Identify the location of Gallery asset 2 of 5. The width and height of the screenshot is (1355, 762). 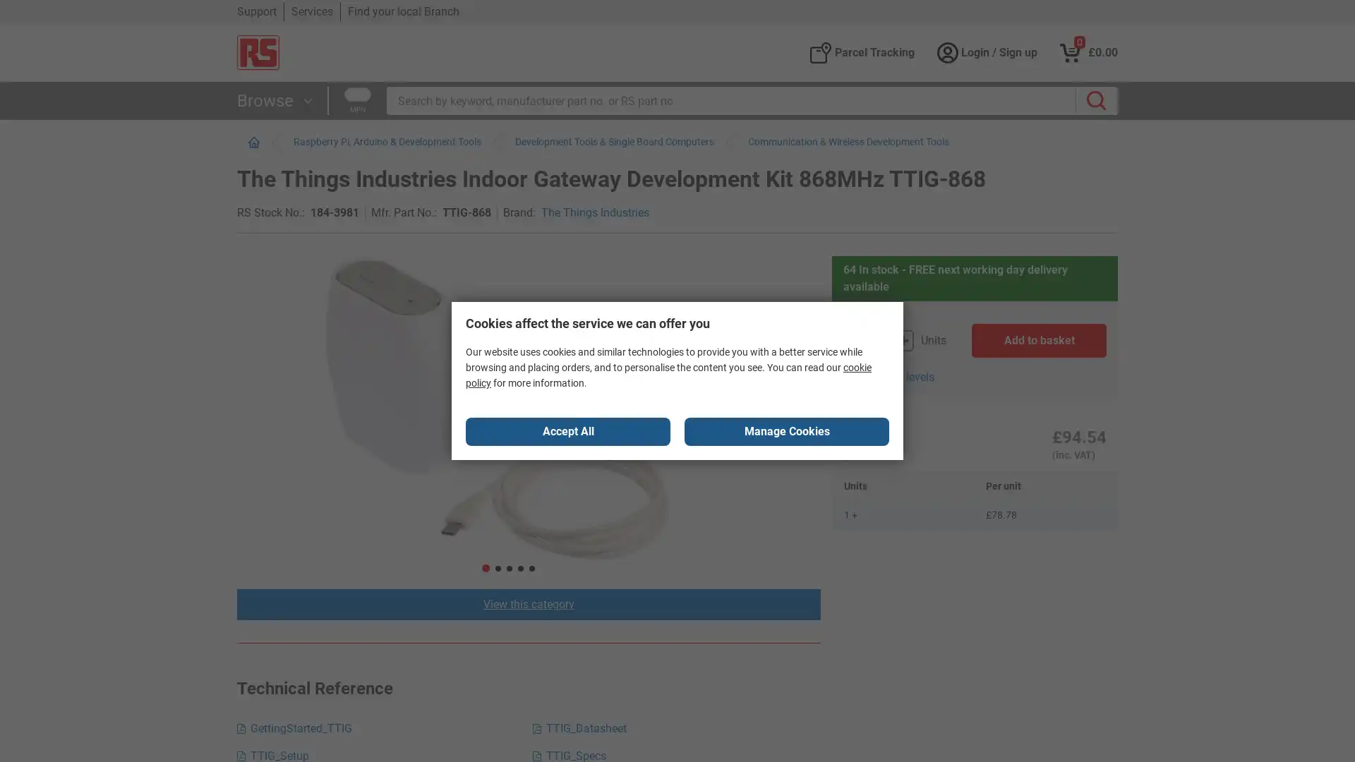
(570, 397).